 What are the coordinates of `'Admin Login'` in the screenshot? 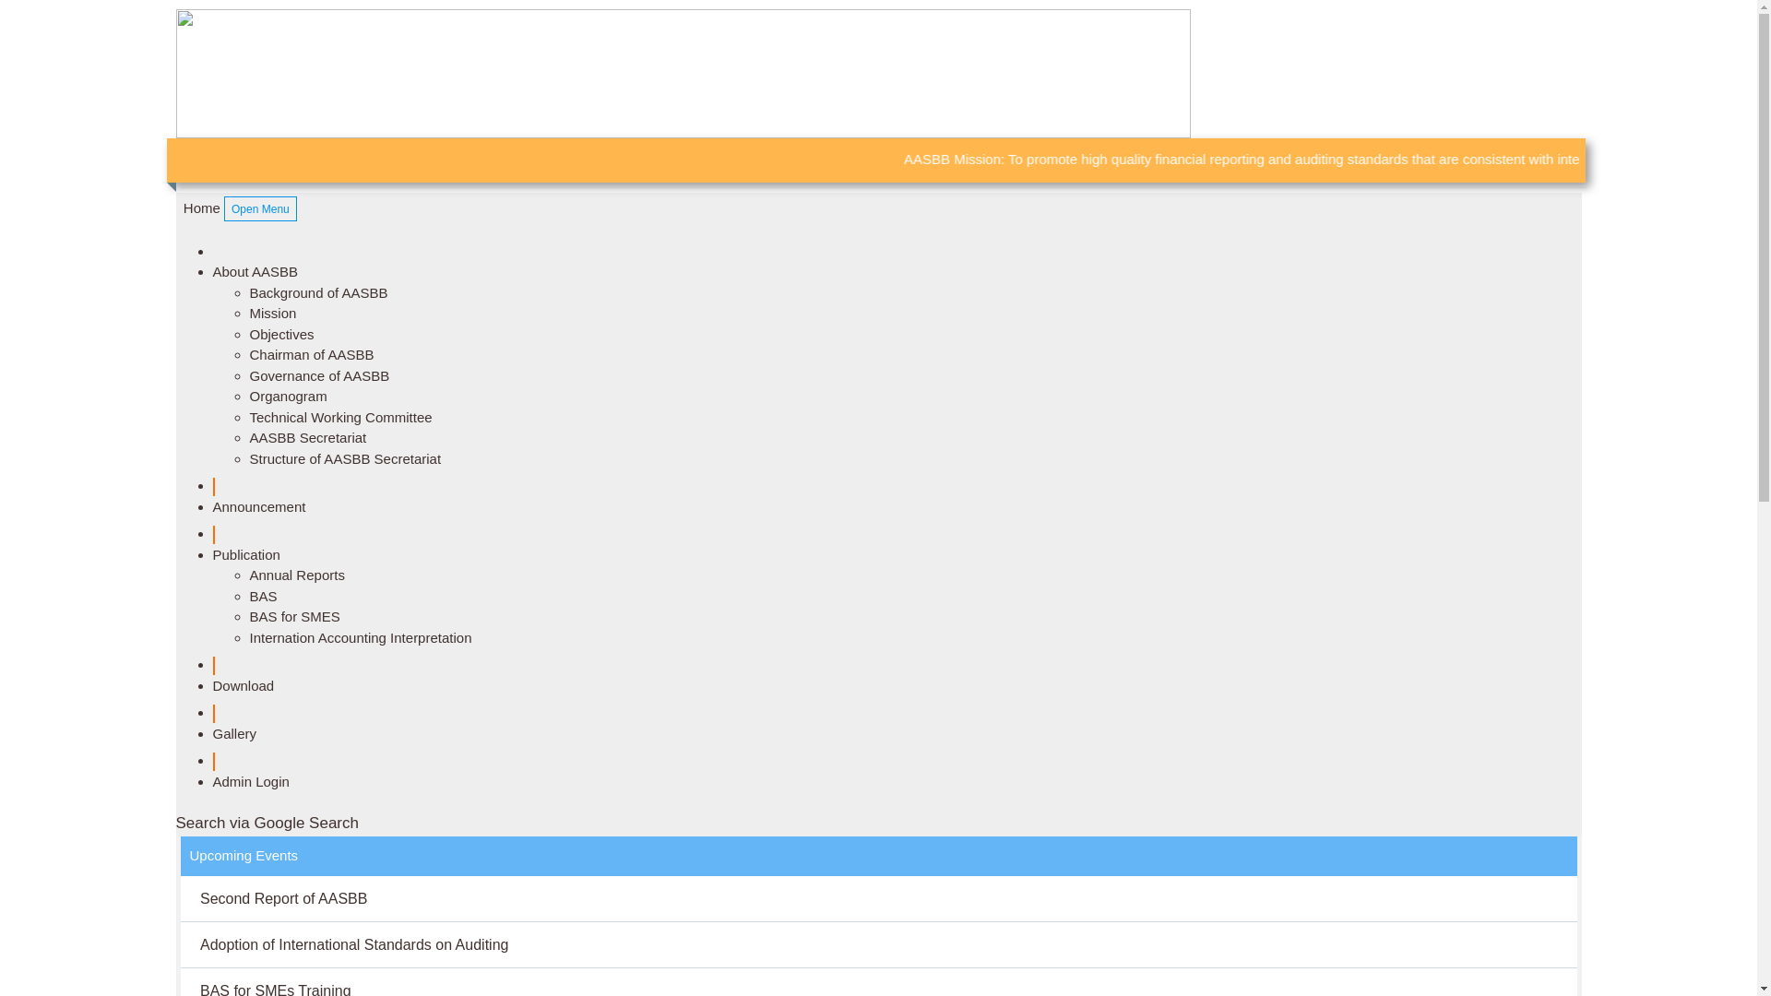 It's located at (249, 780).